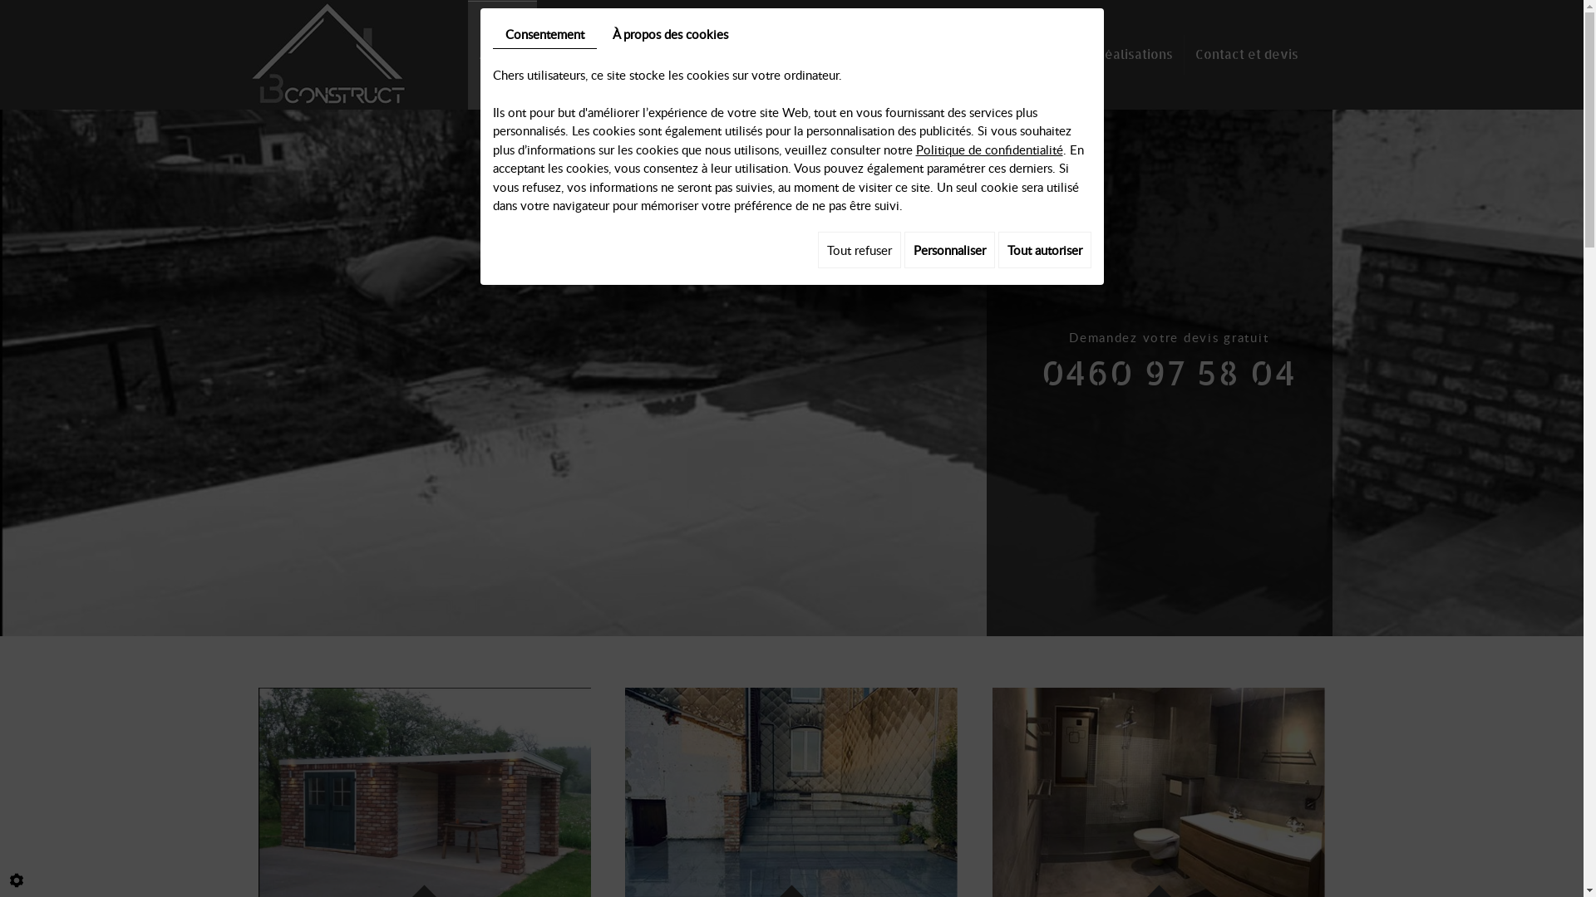 Image resolution: width=1596 pixels, height=897 pixels. What do you see at coordinates (544, 35) in the screenshot?
I see `'Consentement'` at bounding box center [544, 35].